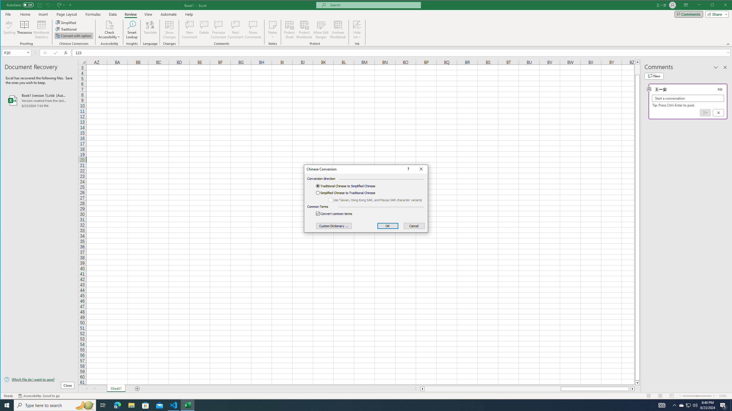 The width and height of the screenshot is (732, 411). What do you see at coordinates (720, 5) in the screenshot?
I see `'Maximize'` at bounding box center [720, 5].